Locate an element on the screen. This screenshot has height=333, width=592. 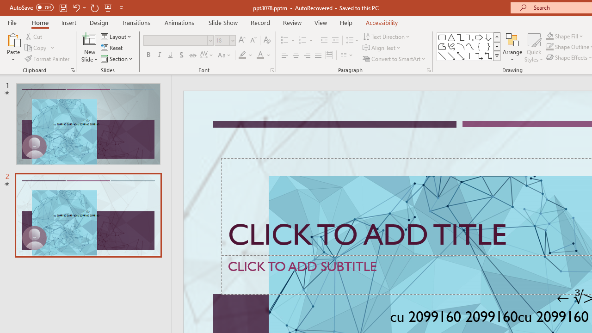
'Connector: Elbow Double-Arrow' is located at coordinates (488, 55).